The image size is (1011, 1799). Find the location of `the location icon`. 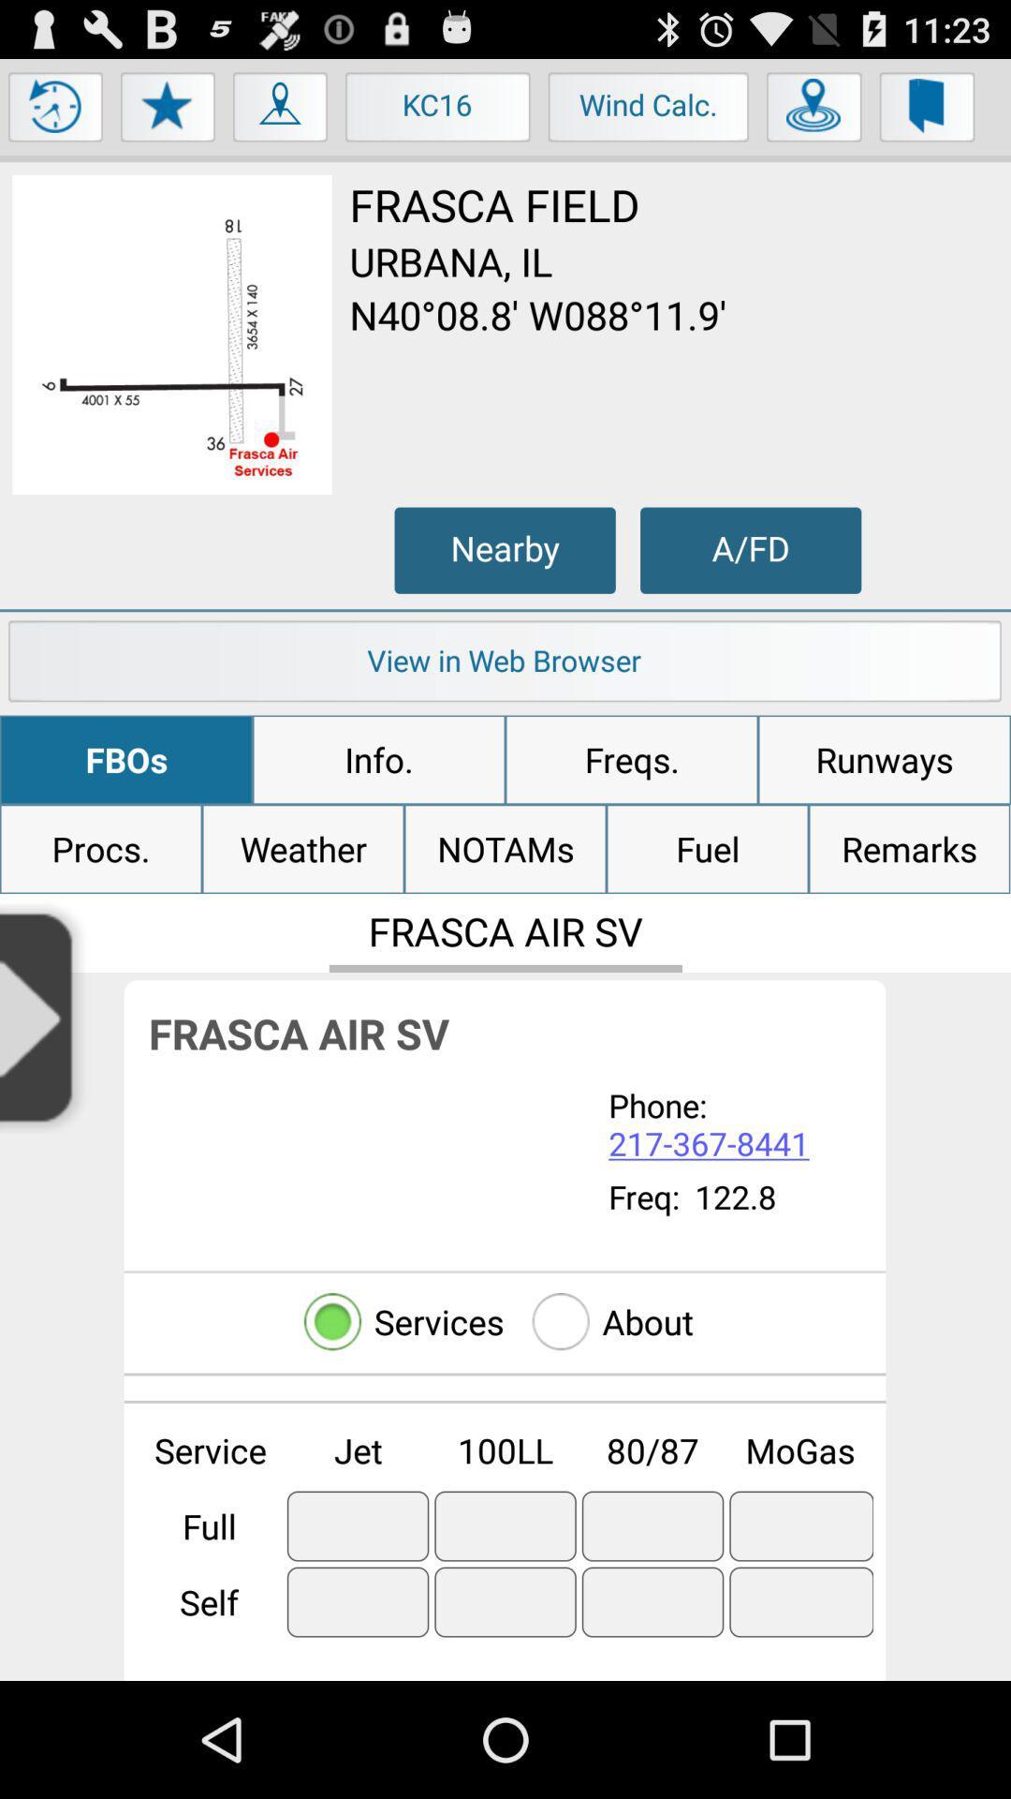

the location icon is located at coordinates (281, 119).